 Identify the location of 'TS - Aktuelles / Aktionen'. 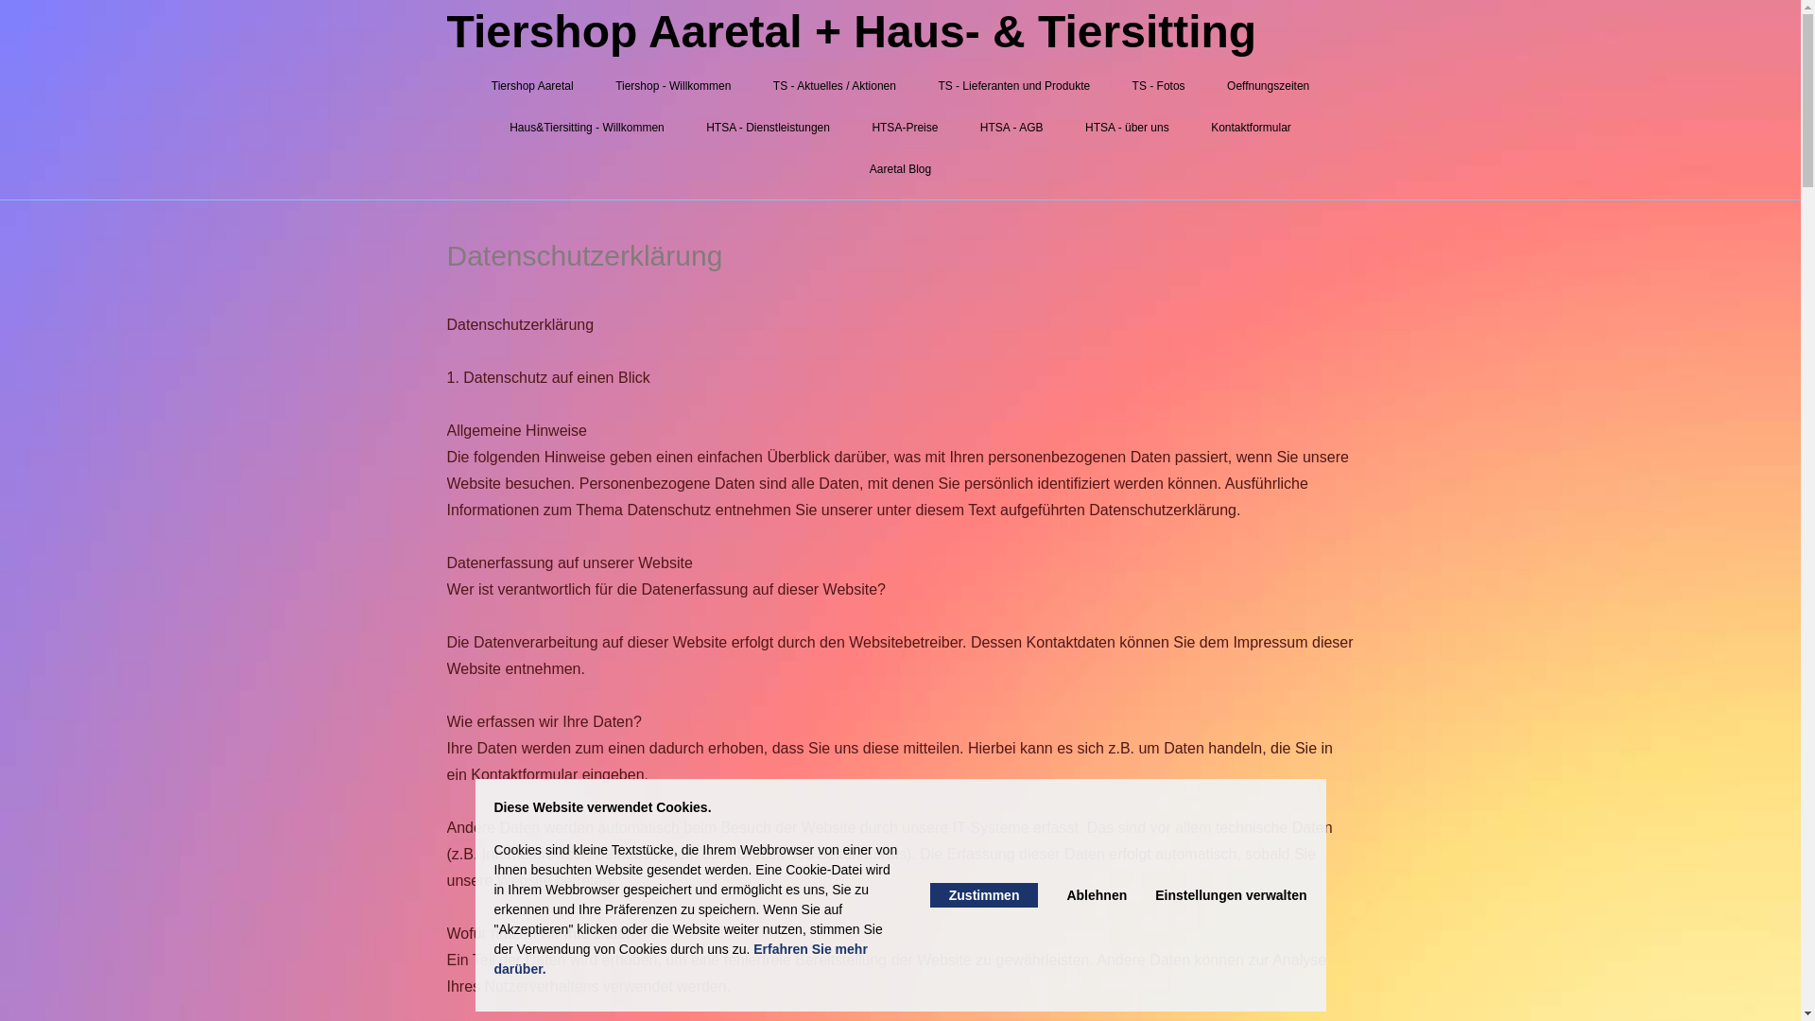
(834, 86).